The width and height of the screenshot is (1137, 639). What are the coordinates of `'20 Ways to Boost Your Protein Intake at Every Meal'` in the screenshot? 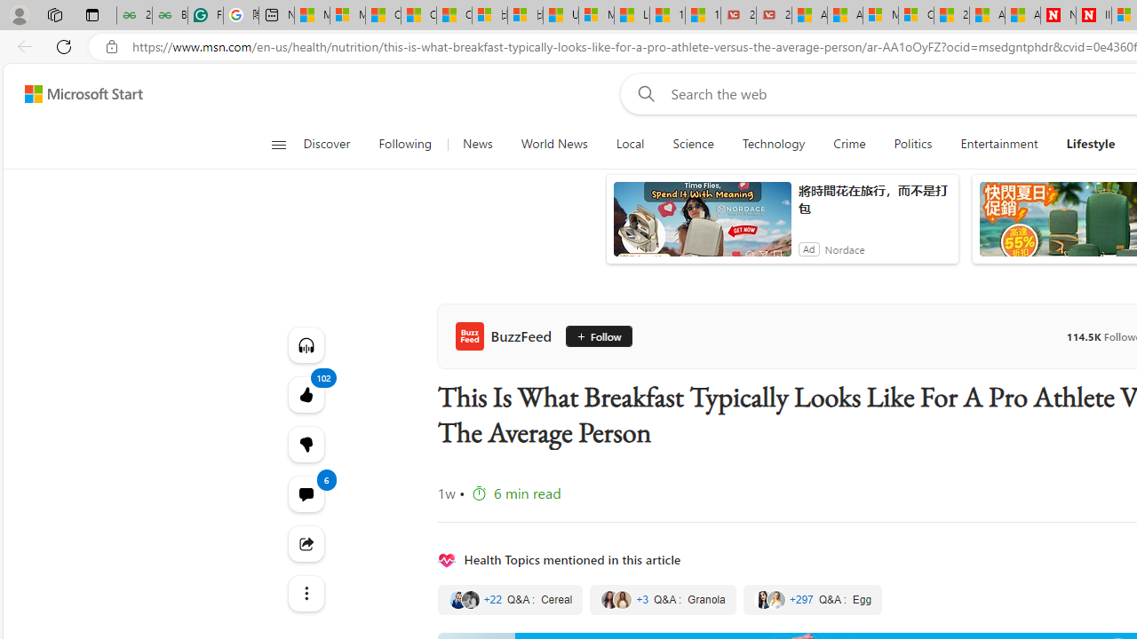 It's located at (950, 15).